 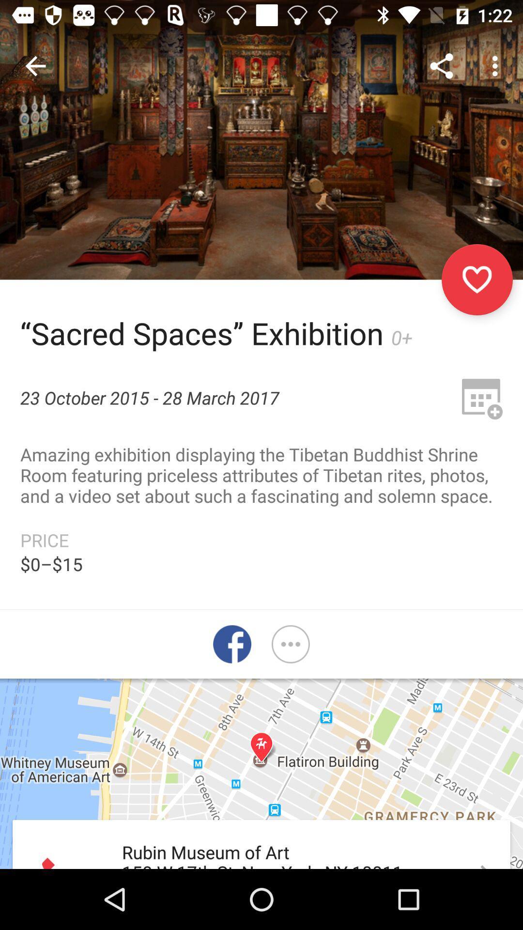 What do you see at coordinates (477, 279) in the screenshot?
I see `the favorite icon` at bounding box center [477, 279].